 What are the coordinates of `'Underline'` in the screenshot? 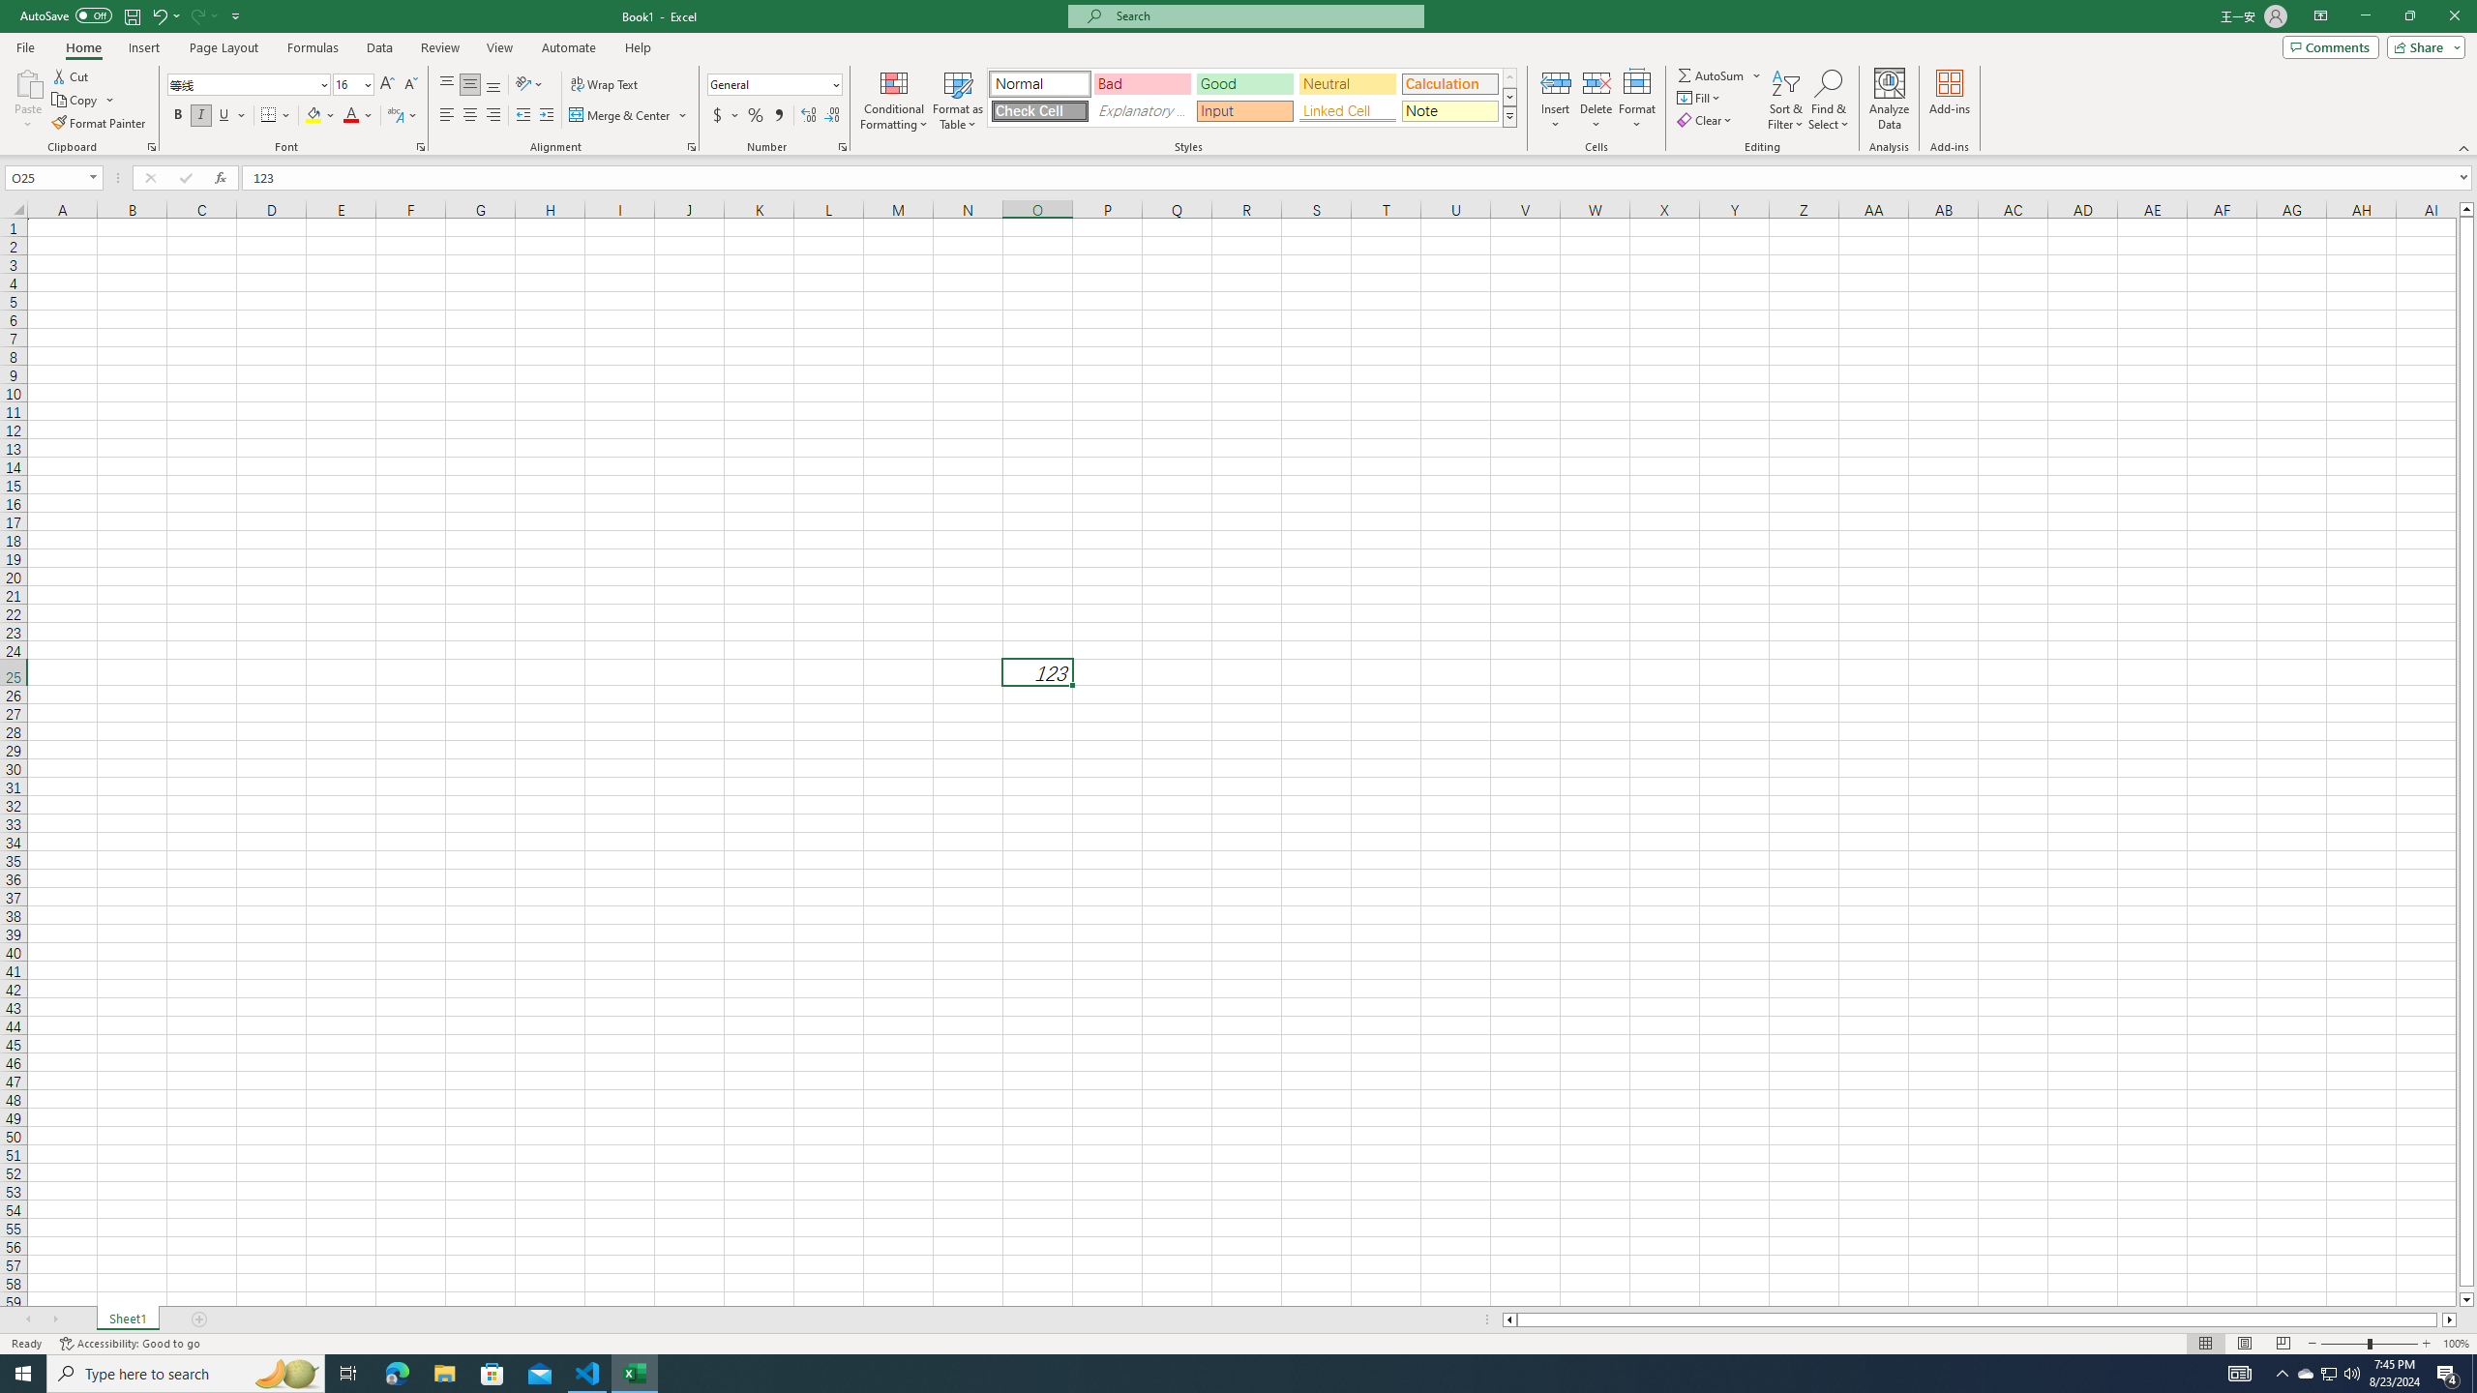 It's located at (231, 114).